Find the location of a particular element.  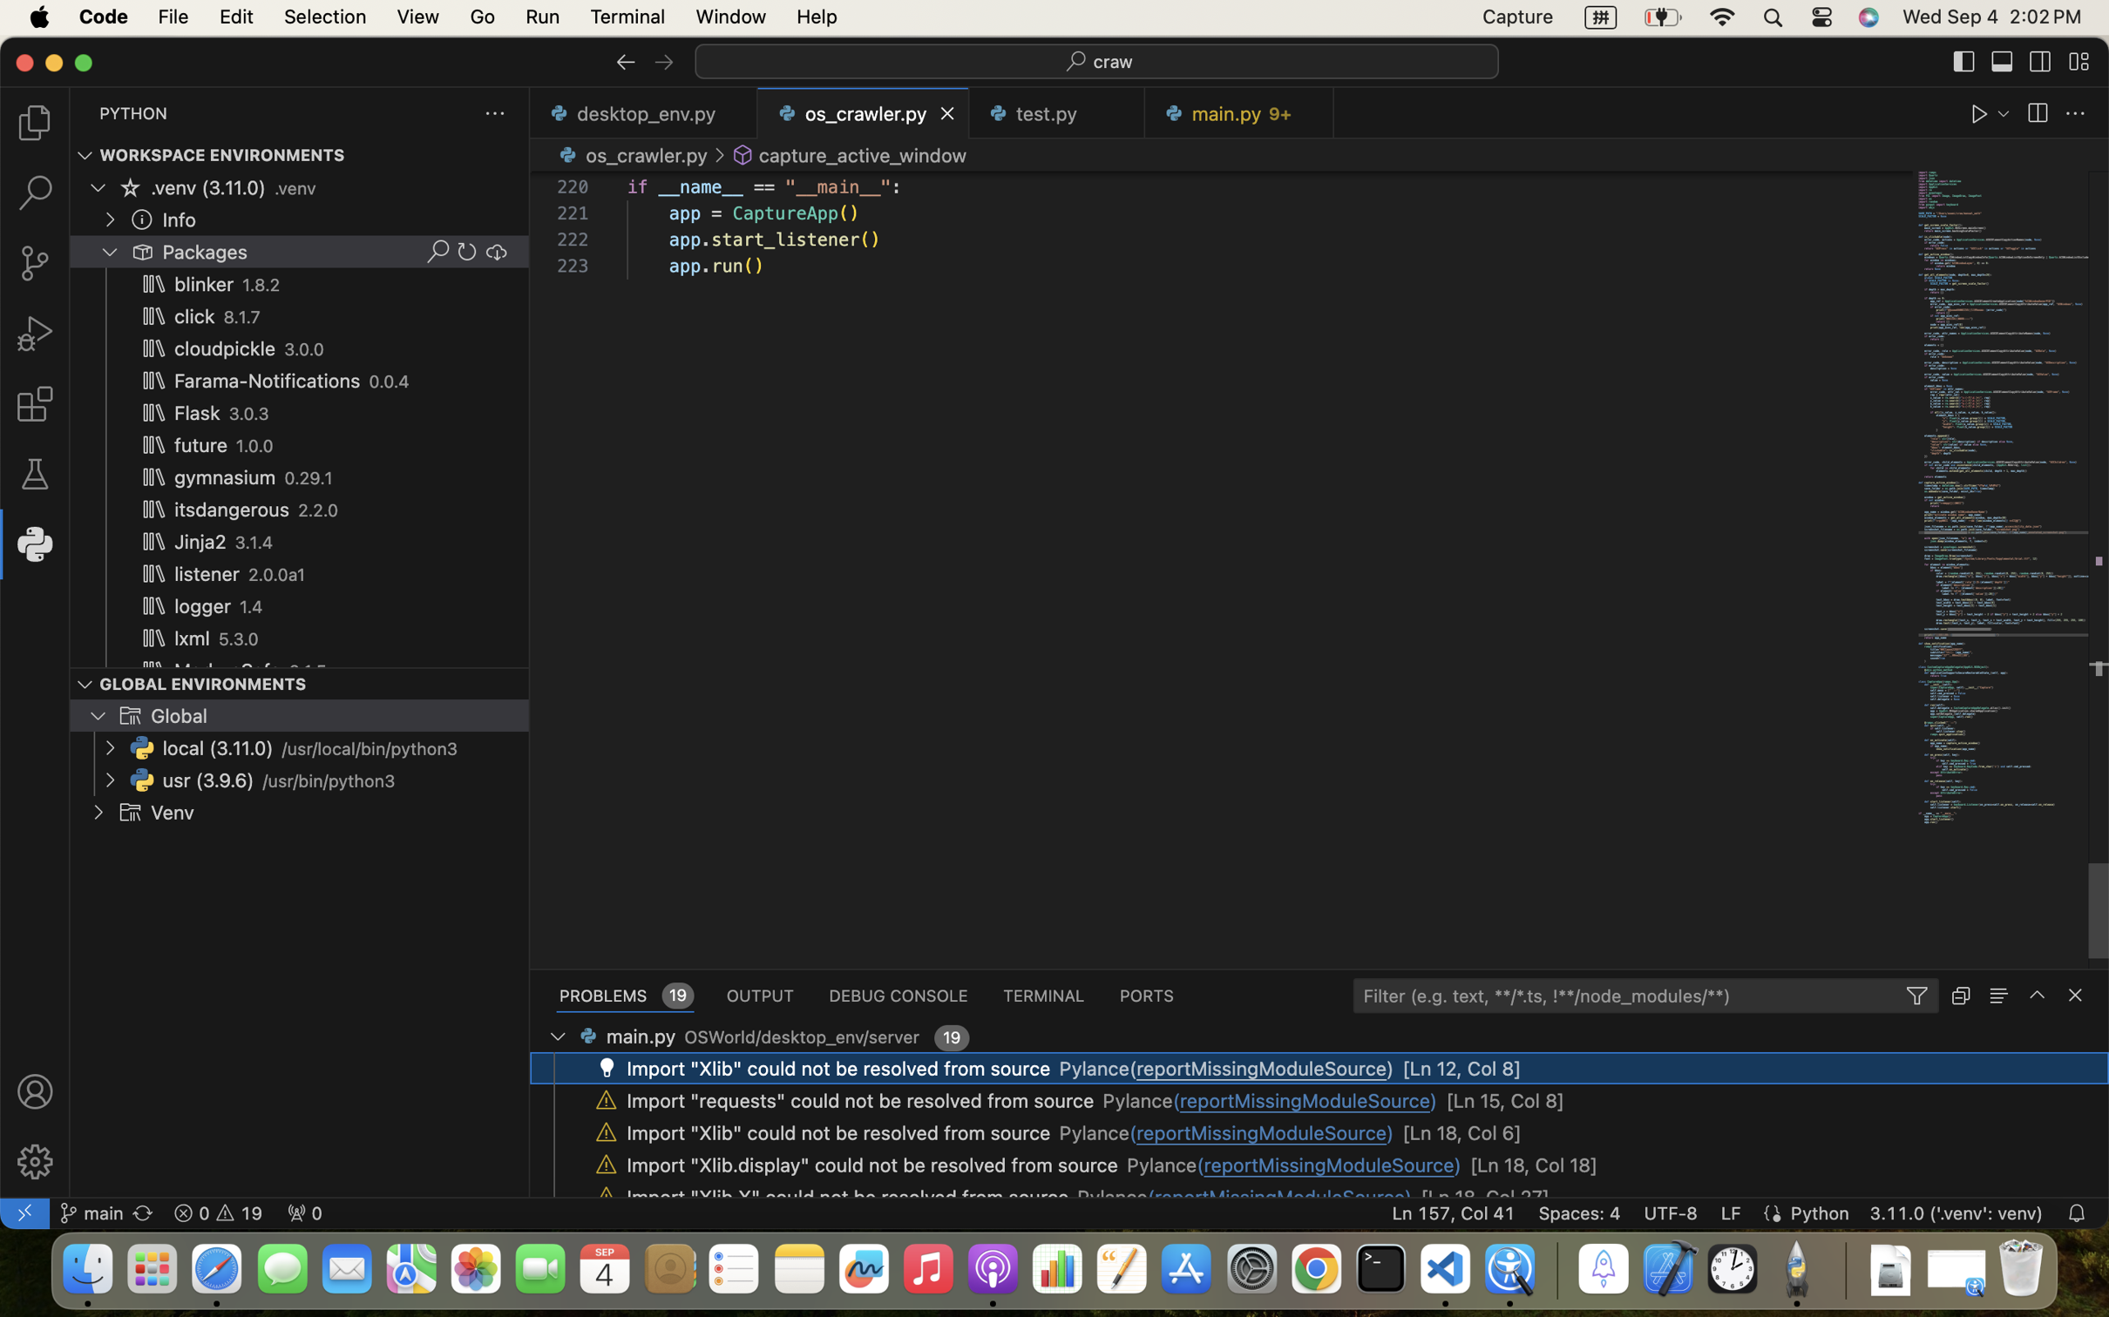

'3.0.0' is located at coordinates (304, 349).